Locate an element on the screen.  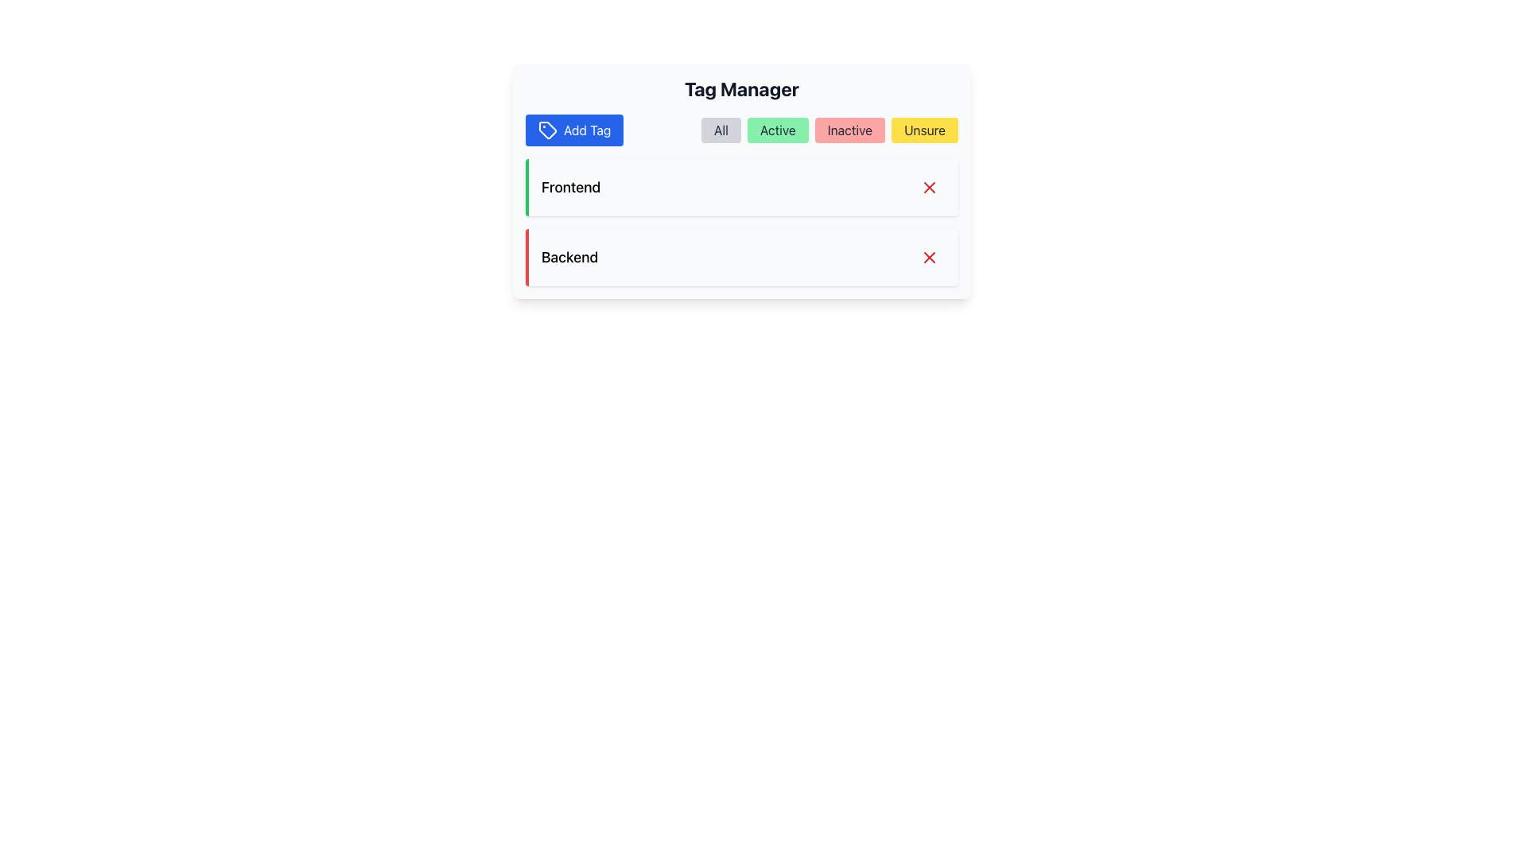
the red 'X' icon button located at the far-right of the row labeled 'Backend' to potentially see a tooltip is located at coordinates (930, 257).